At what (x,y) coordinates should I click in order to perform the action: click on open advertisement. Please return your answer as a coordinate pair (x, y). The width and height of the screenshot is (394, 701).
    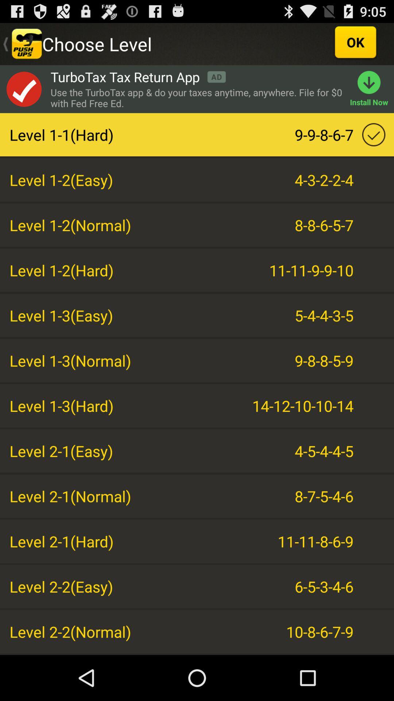
    Looking at the image, I should click on (23, 89).